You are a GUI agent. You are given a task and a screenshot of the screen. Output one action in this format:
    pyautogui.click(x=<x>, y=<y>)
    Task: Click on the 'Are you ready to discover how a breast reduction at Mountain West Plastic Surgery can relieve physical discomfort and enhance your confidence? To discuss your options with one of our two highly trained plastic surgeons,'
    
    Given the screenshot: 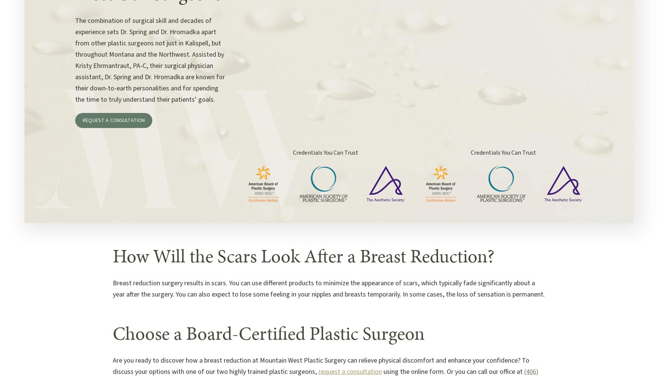 What is the action you would take?
    pyautogui.click(x=321, y=365)
    